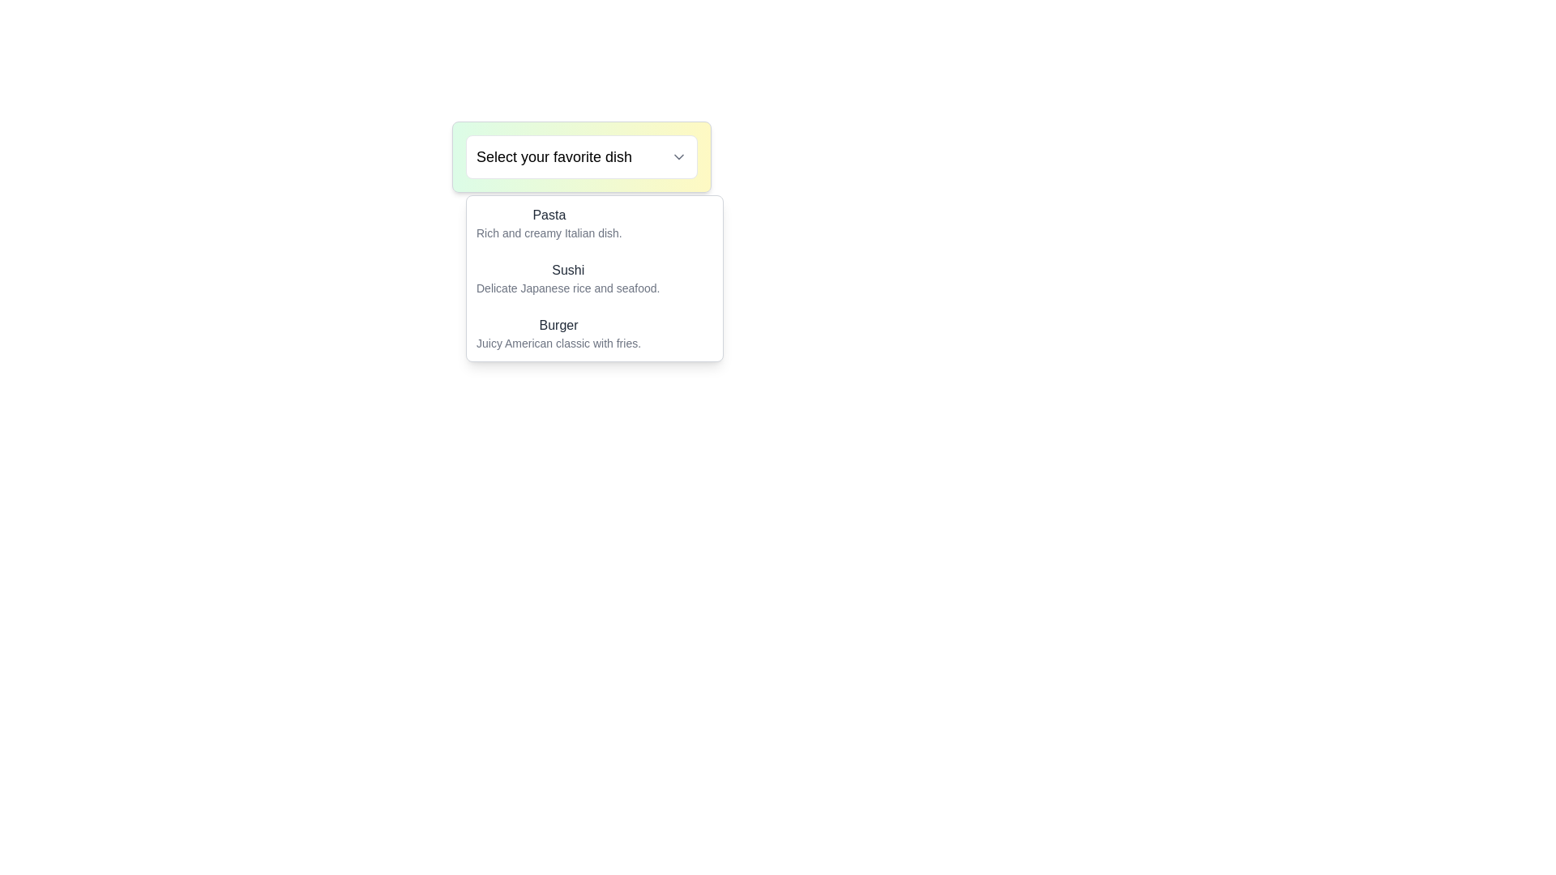 The height and width of the screenshot is (875, 1556). Describe the element at coordinates (594, 224) in the screenshot. I see `the 'Pasta' option in the dropdown menu, which is the first item directly below the 'Select your favorite dish.' trigger` at that location.